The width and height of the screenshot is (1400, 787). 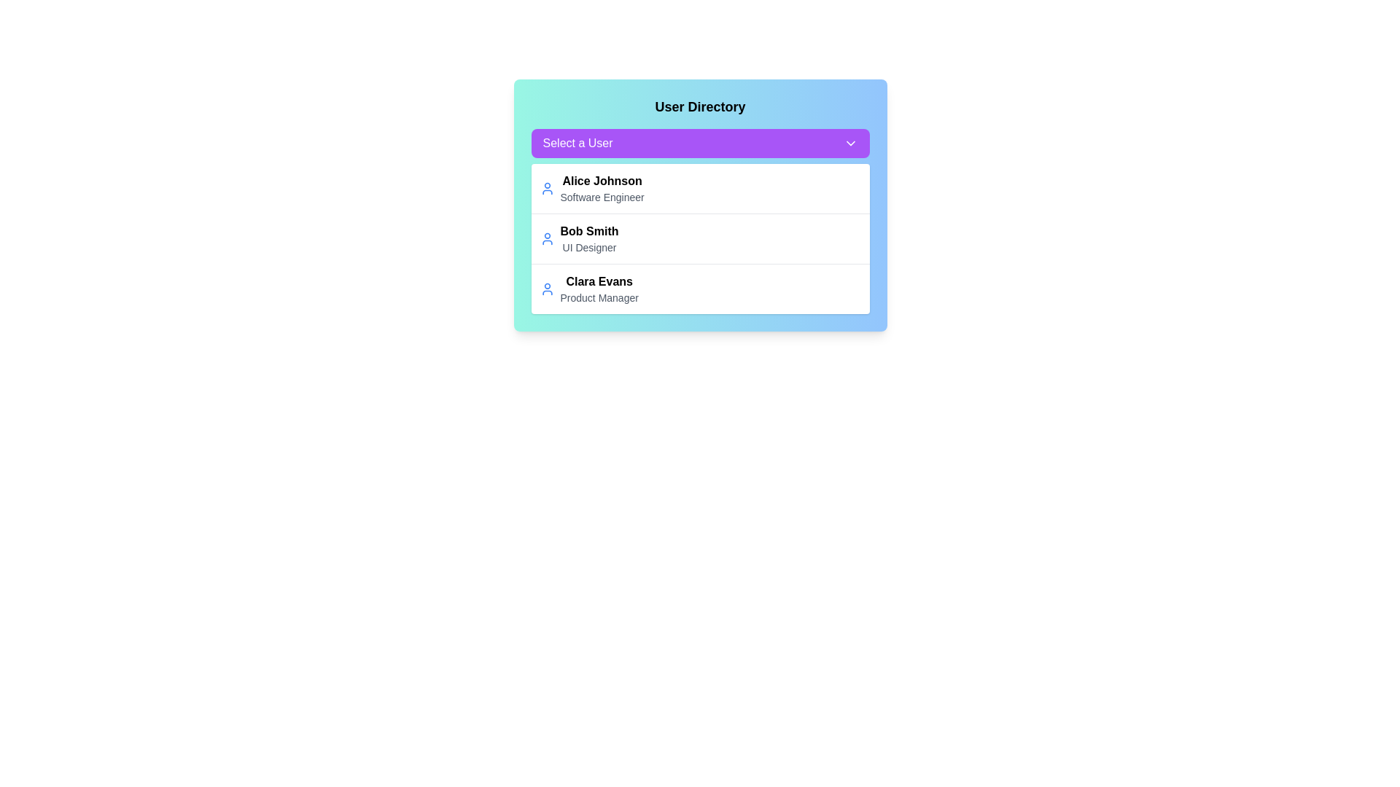 What do you see at coordinates (850, 143) in the screenshot?
I see `the chevron-down icon located at the far-right end of the 'Select a User' purple rectangular bar` at bounding box center [850, 143].